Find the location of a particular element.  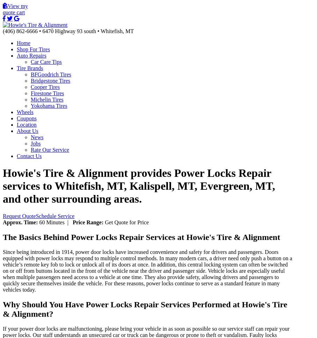

'Tire Brands' is located at coordinates (29, 68).